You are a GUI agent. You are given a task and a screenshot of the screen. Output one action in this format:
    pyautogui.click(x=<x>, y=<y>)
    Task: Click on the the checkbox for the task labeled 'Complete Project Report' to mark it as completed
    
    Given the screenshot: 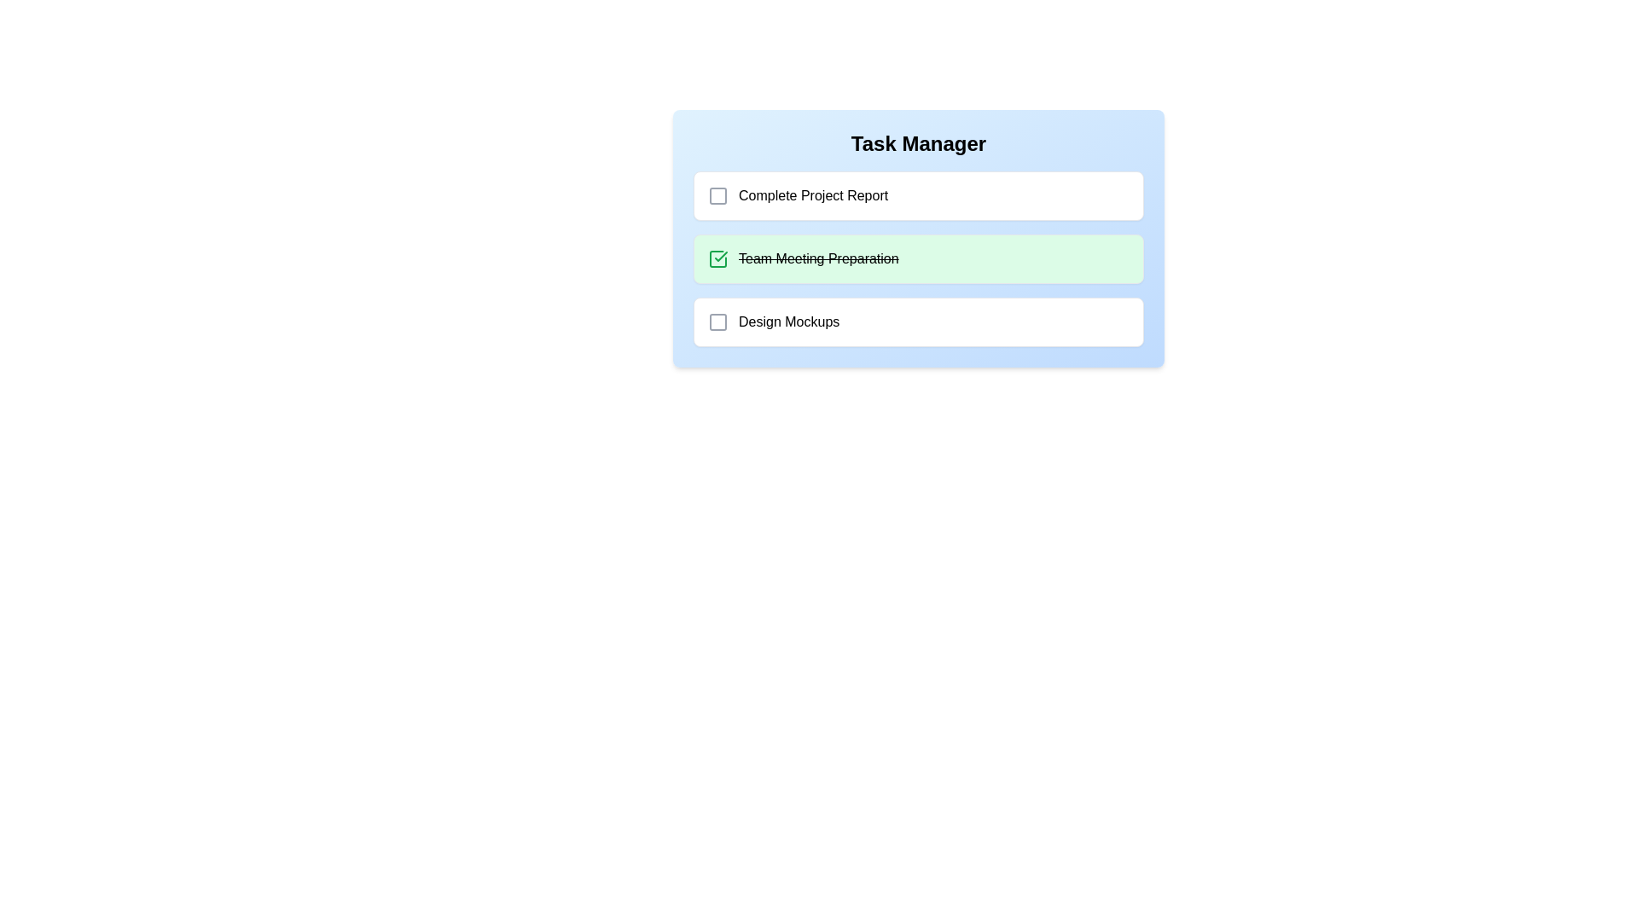 What is the action you would take?
    pyautogui.click(x=917, y=195)
    